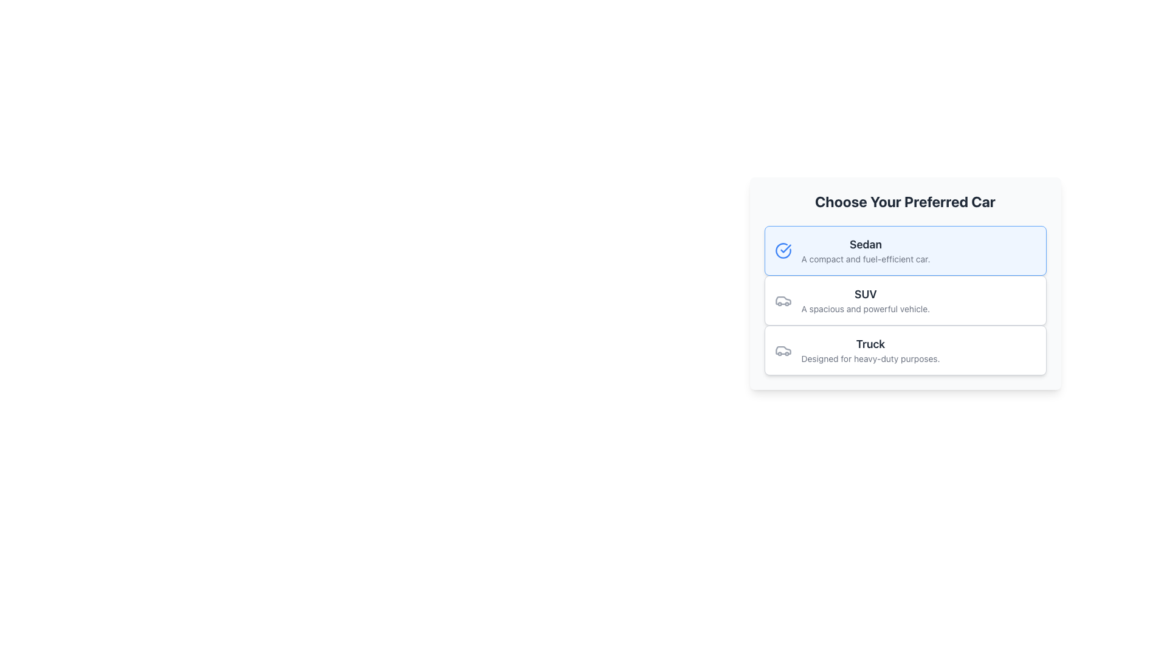  Describe the element at coordinates (905, 283) in the screenshot. I see `the selectable option for 'SUV' in the choice menu` at that location.